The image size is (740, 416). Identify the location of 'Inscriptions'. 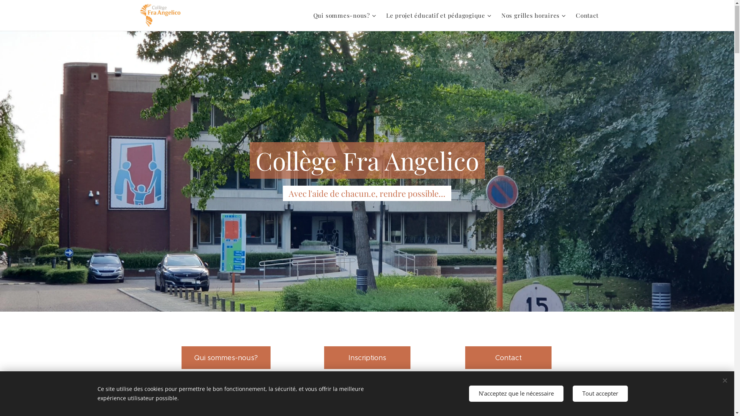
(366, 358).